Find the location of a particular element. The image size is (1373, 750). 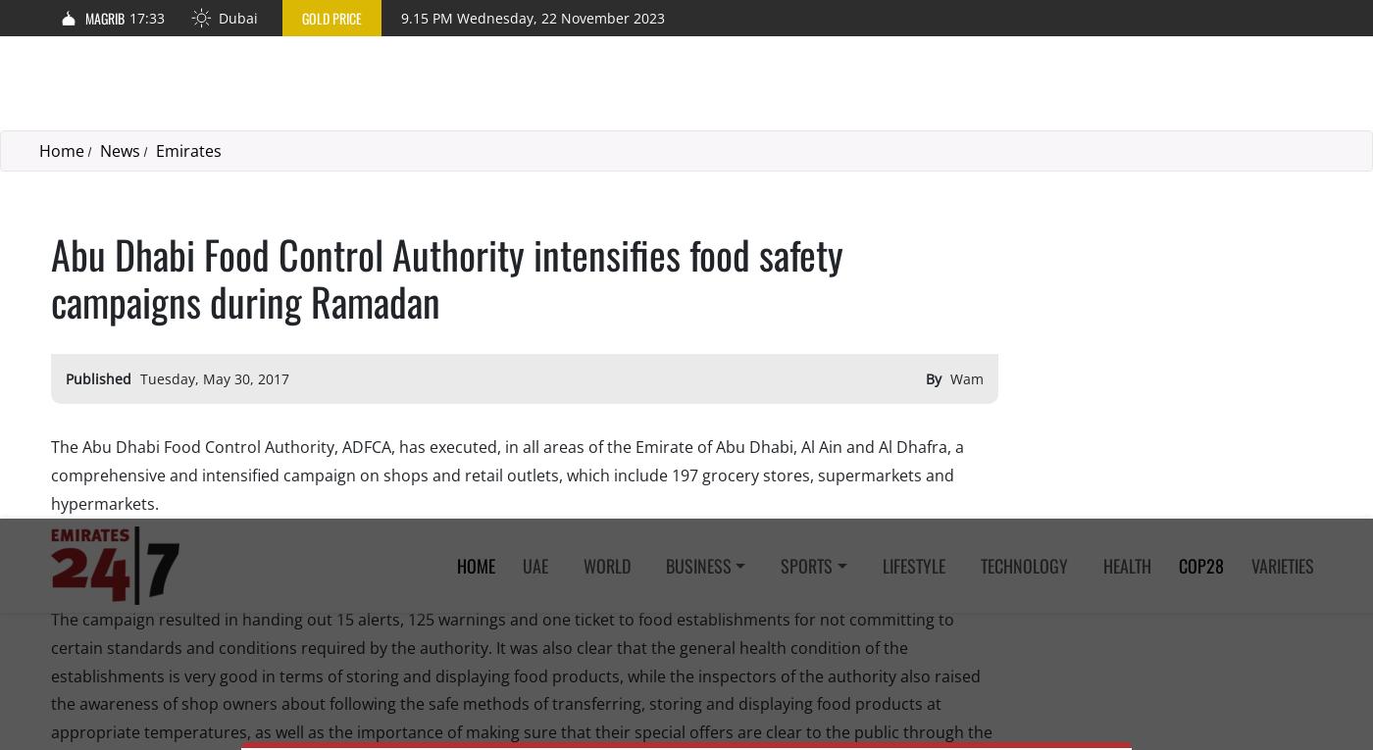

'Varieties' is located at coordinates (1283, 45).